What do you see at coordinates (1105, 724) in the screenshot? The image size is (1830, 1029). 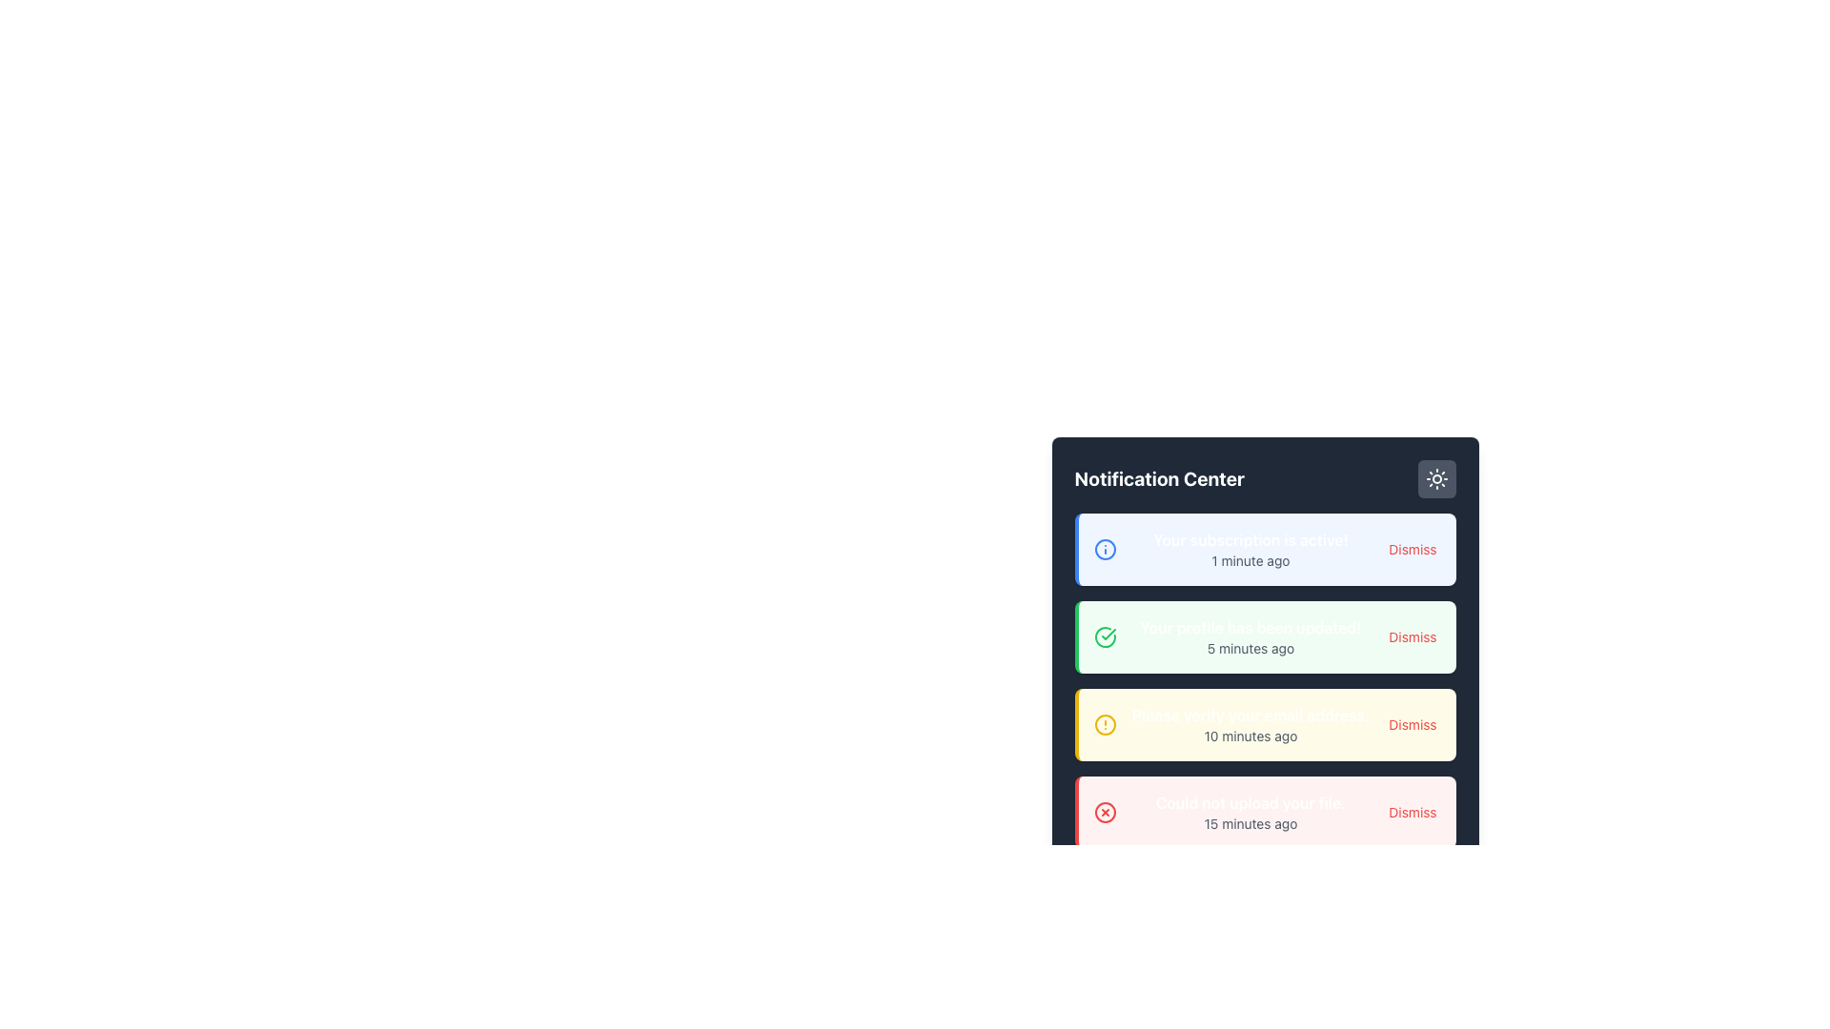 I see `circular alert icon with a yellow outline and exclamation mark located in the top-left corner of the notification card that prompts 'Please verify your email address'` at bounding box center [1105, 724].